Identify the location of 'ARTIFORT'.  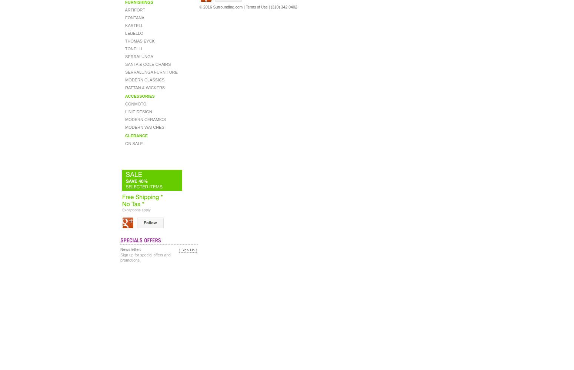
(134, 10).